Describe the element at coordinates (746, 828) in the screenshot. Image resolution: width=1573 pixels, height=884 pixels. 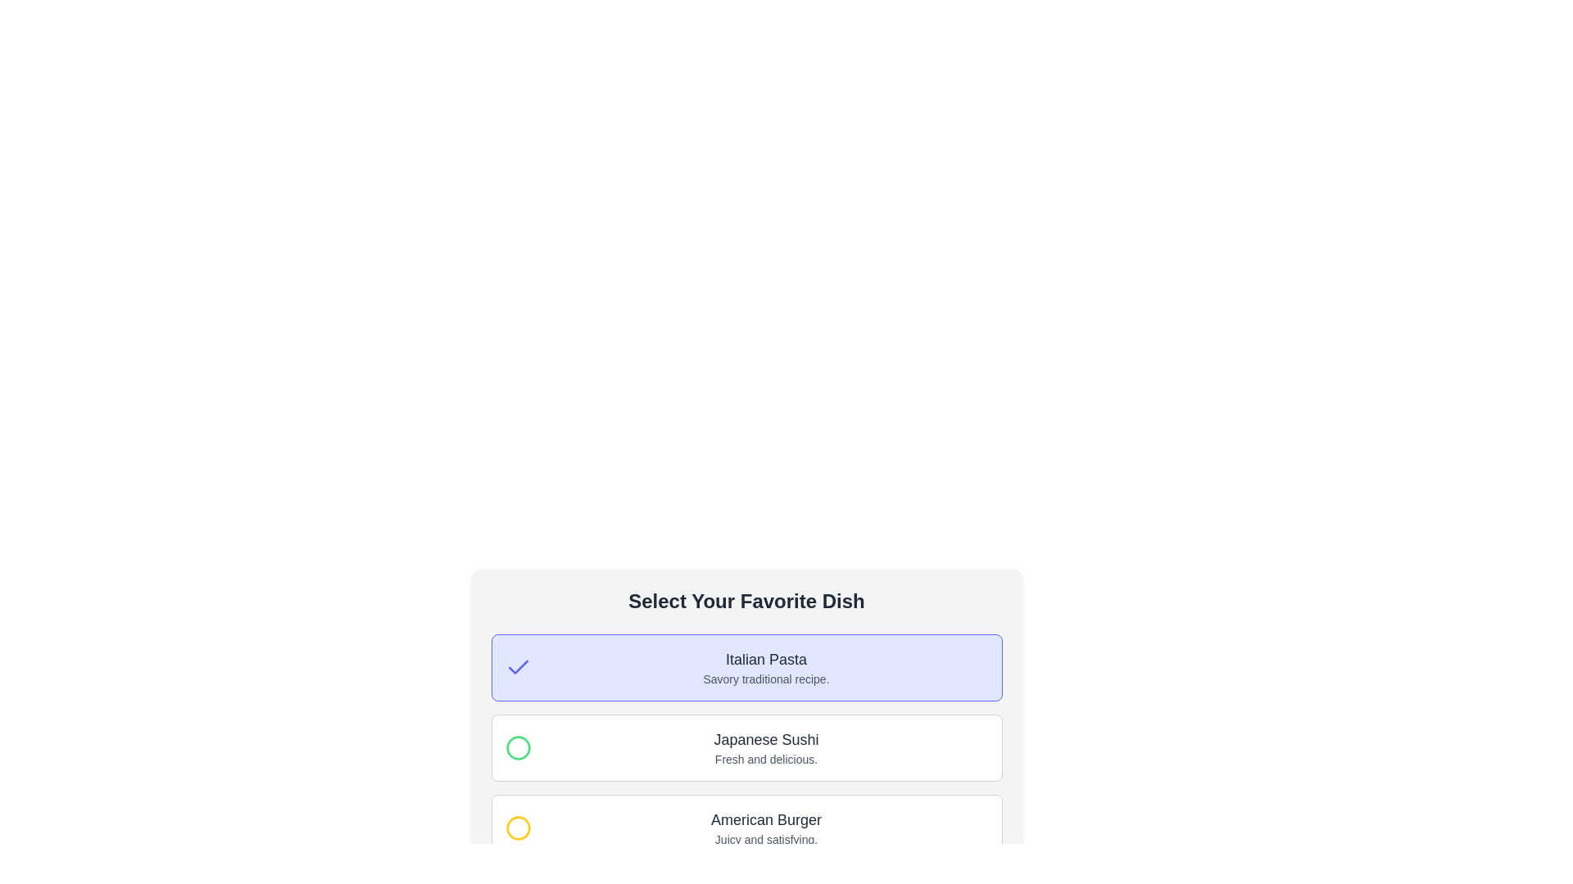
I see `the selectable option labeled 'American Burger' that is part of the list under 'Select Your Favorite Dish', which is the third option with an unselected circular icon` at that location.